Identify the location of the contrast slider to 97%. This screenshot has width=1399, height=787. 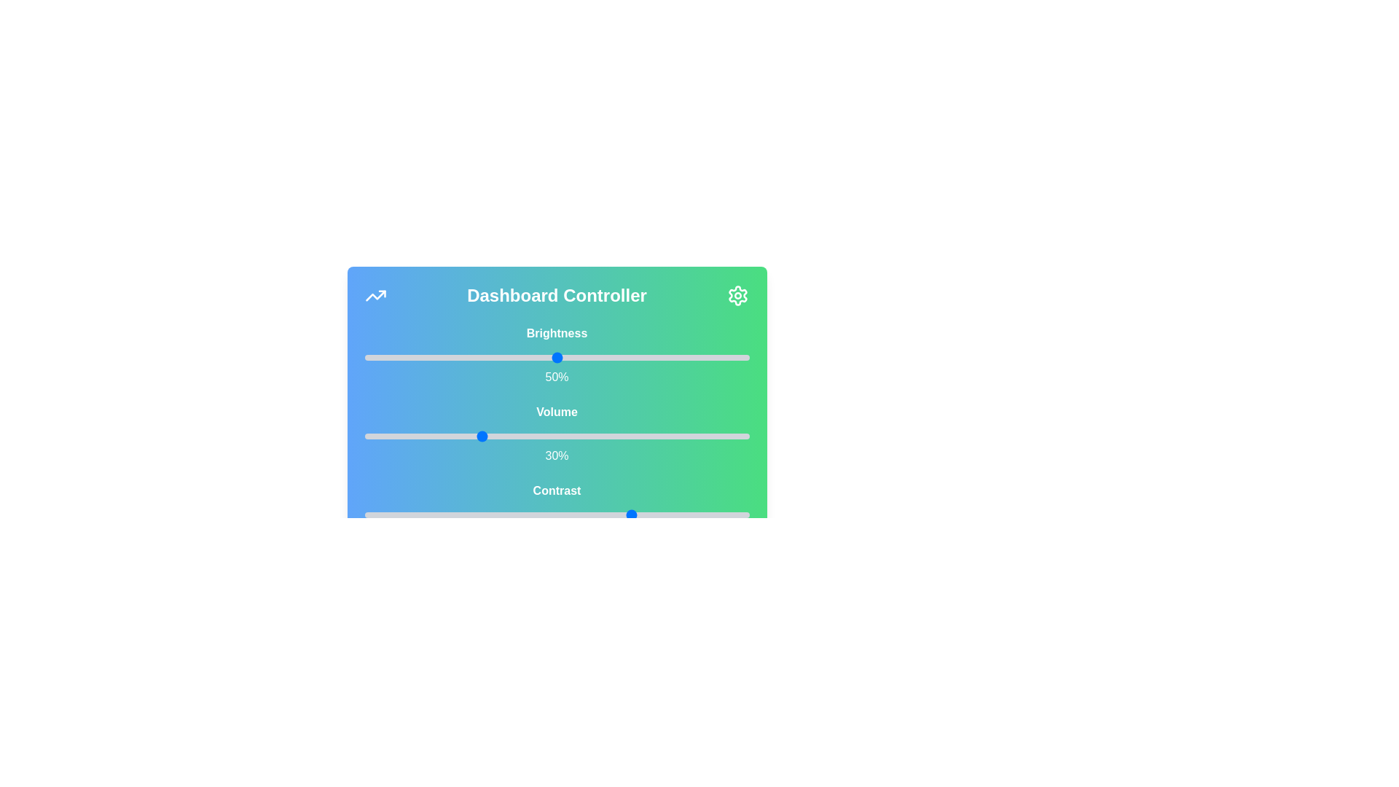
(737, 514).